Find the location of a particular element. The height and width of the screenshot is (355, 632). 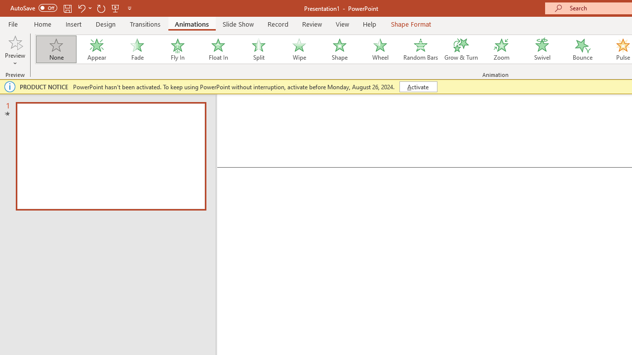

'Split' is located at coordinates (258, 49).